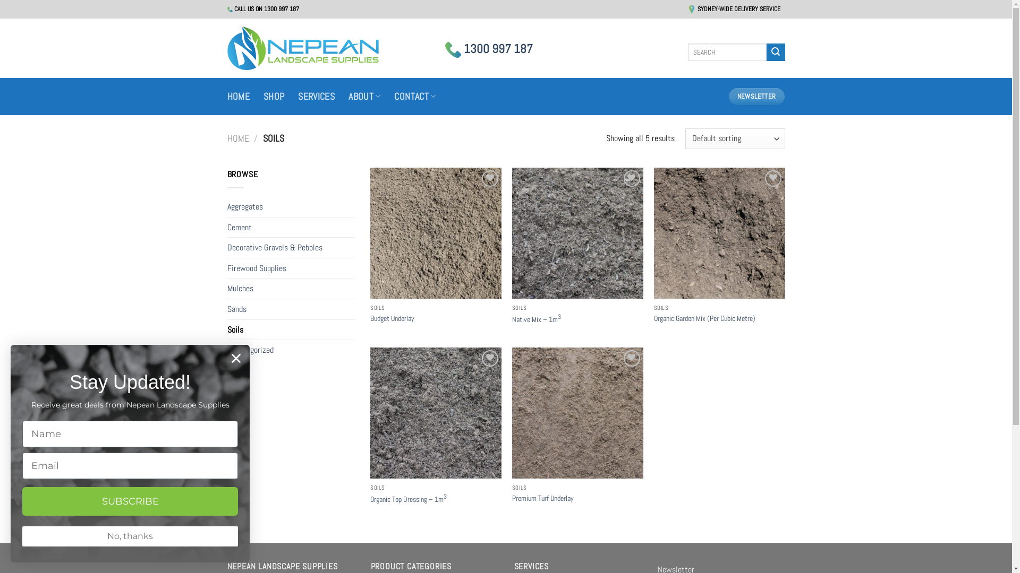  What do you see at coordinates (274, 96) in the screenshot?
I see `'SHOP'` at bounding box center [274, 96].